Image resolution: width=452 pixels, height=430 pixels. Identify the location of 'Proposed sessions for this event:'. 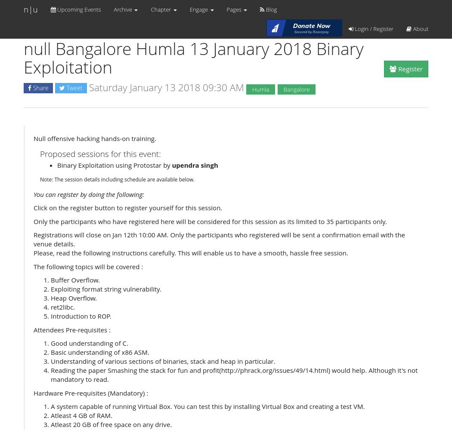
(100, 154).